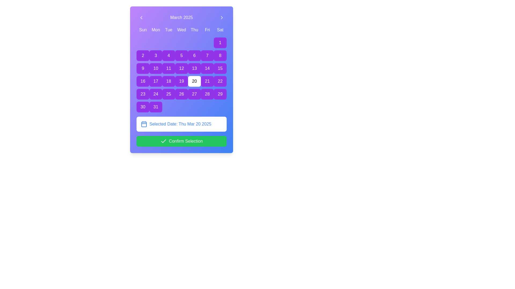 Image resolution: width=515 pixels, height=289 pixels. Describe the element at coordinates (220, 94) in the screenshot. I see `the button labeled '29' with a purple background in the calendar grid` at that location.